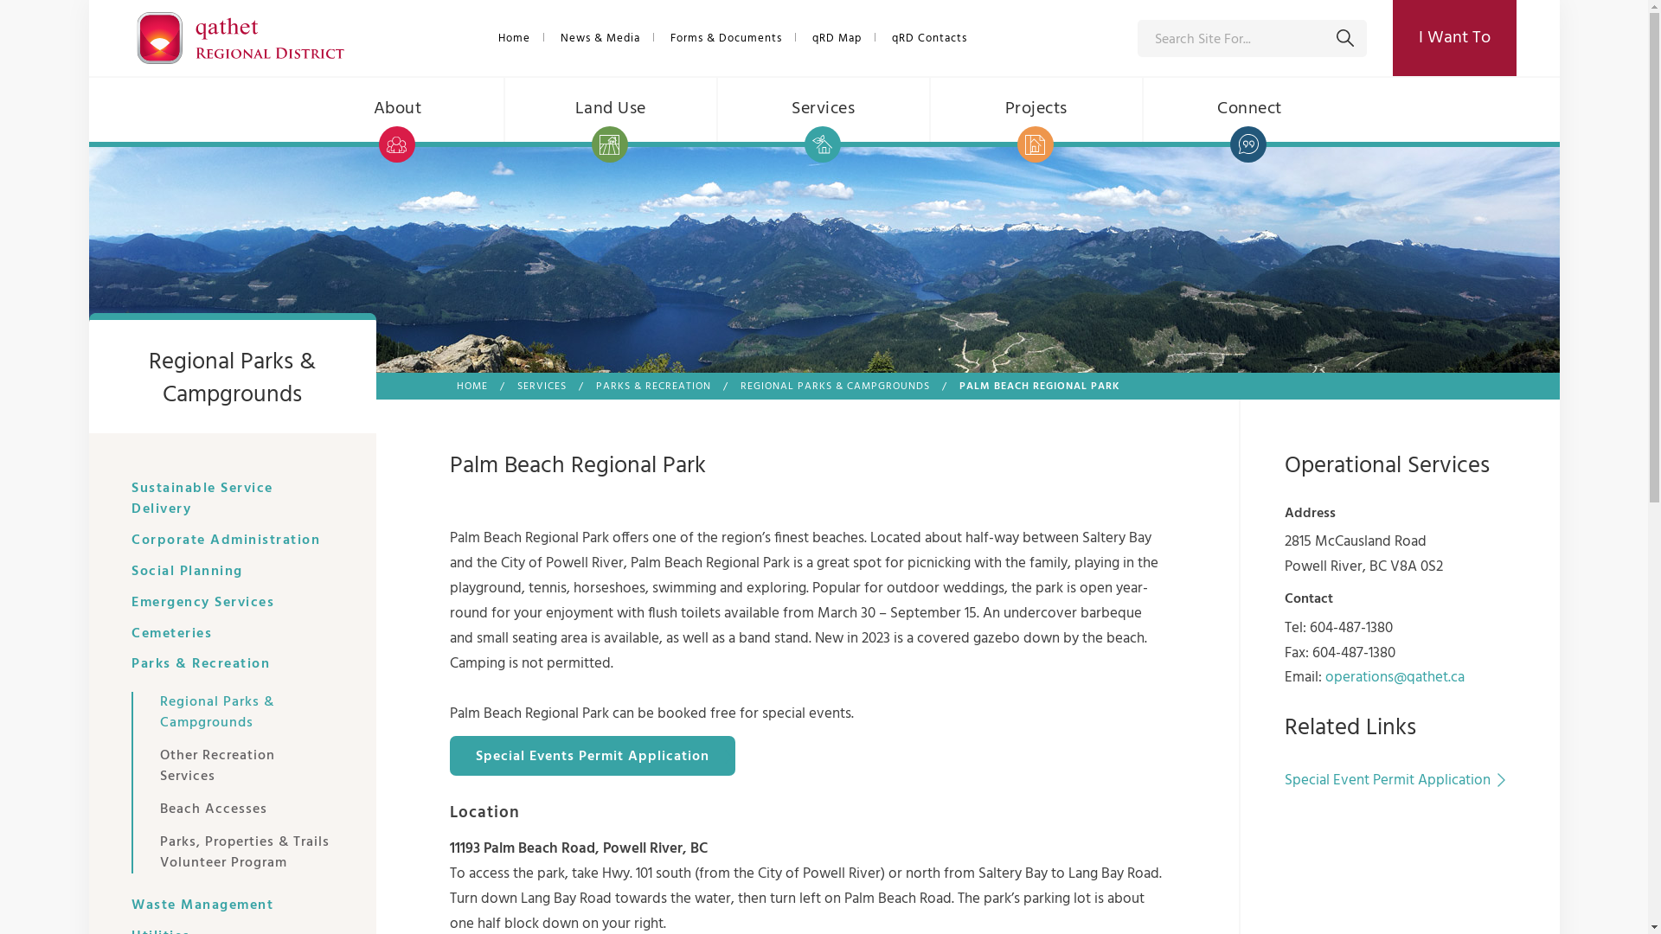 This screenshot has width=1661, height=934. I want to click on 'I Want To', so click(1453, 37).